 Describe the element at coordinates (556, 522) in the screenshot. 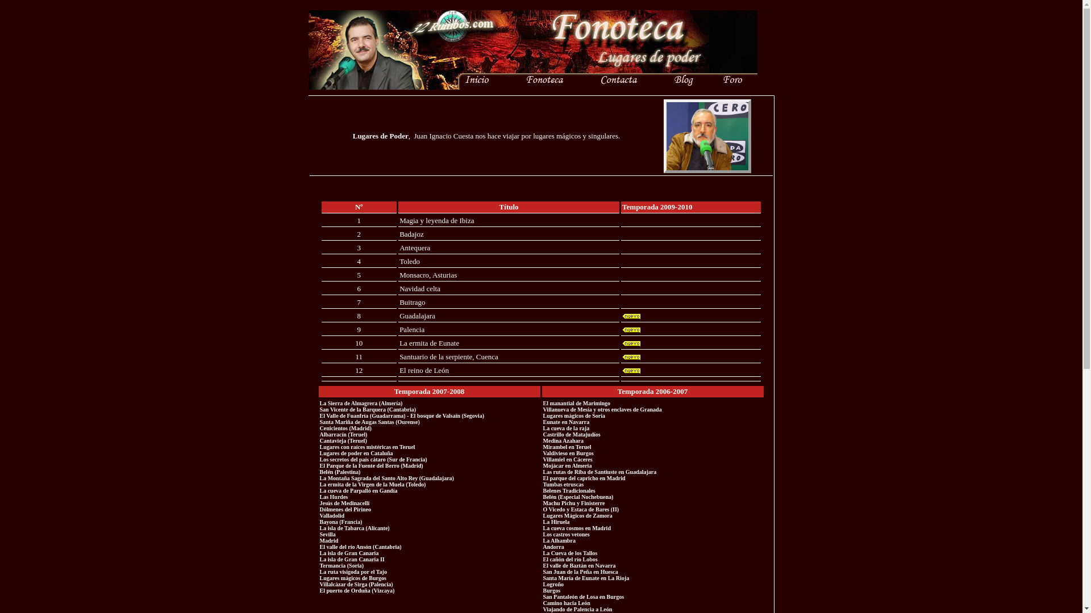

I see `'La Hiruela'` at that location.